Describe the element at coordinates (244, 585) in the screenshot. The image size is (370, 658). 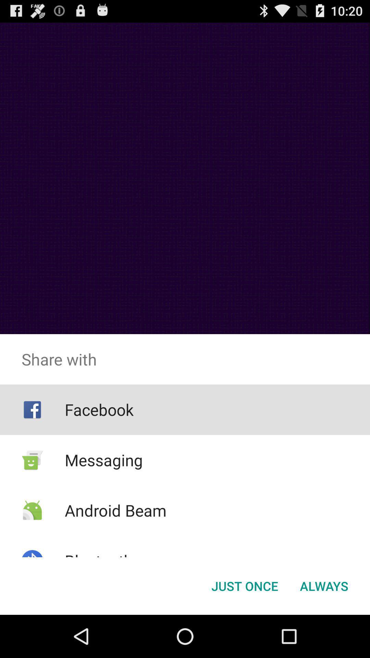
I see `app below the share with` at that location.